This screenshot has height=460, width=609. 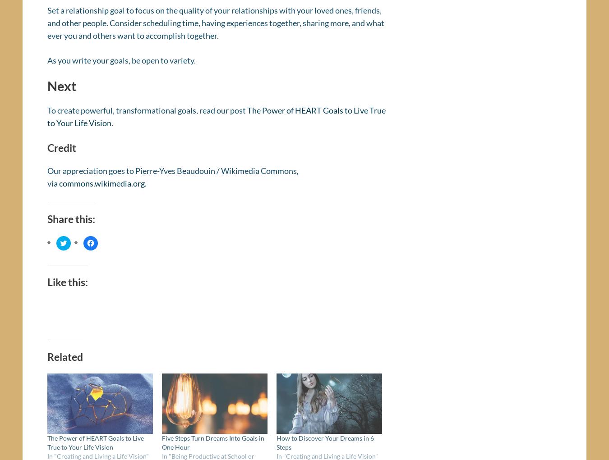 What do you see at coordinates (91, 173) in the screenshot?
I see `'Our appreciation goes to'` at bounding box center [91, 173].